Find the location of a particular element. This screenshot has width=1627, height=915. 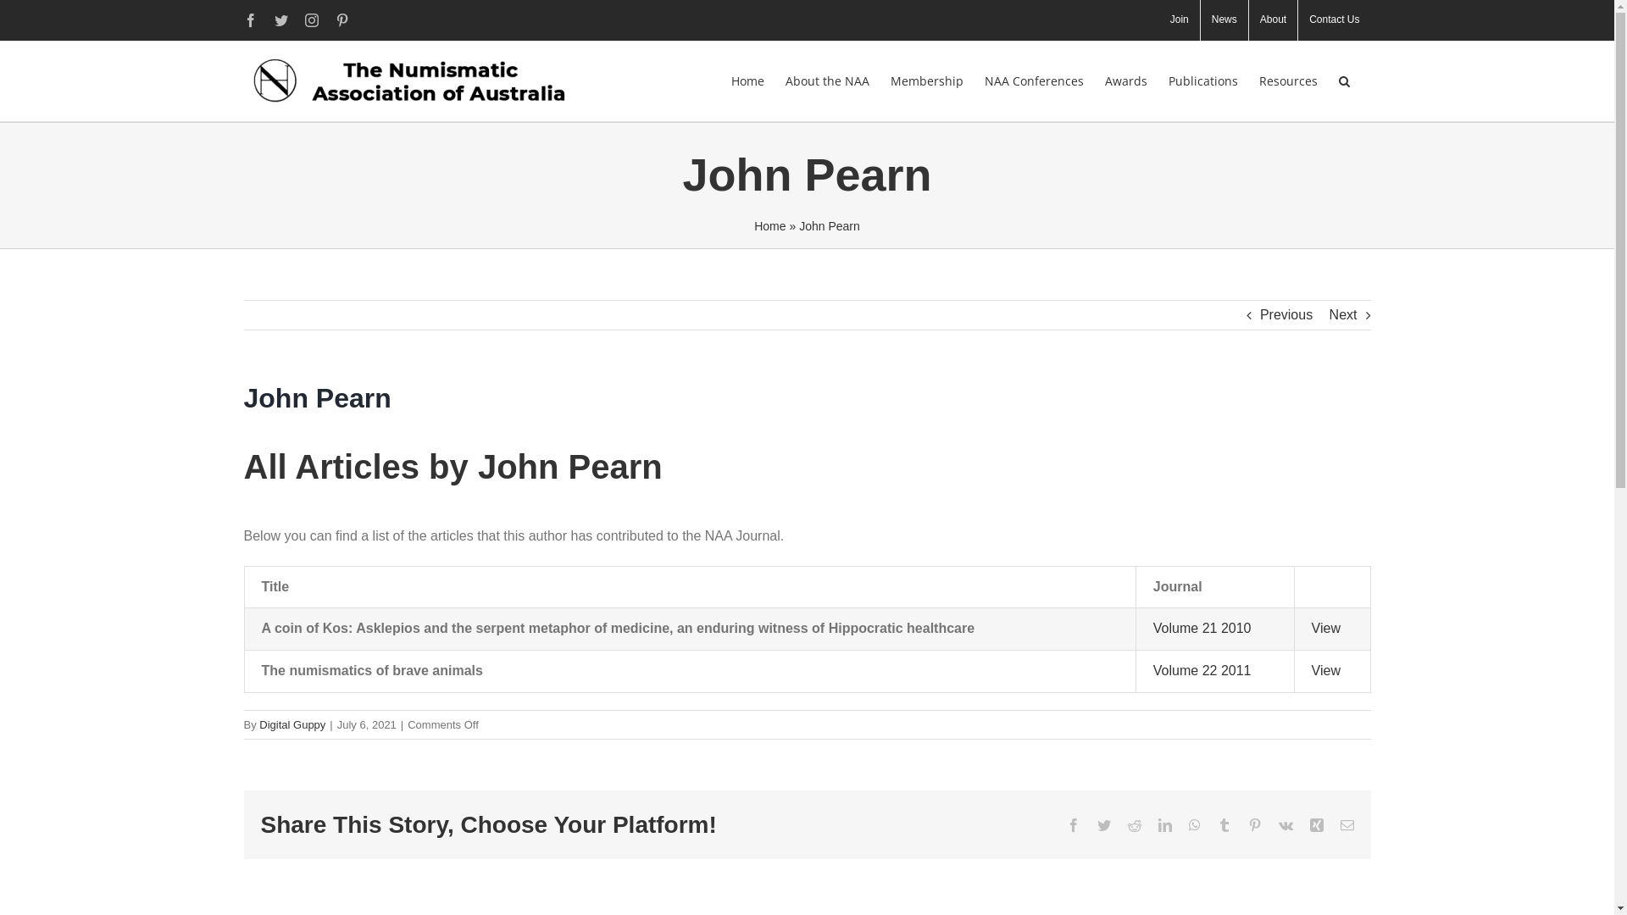

'Pinterest' is located at coordinates (335, 19).